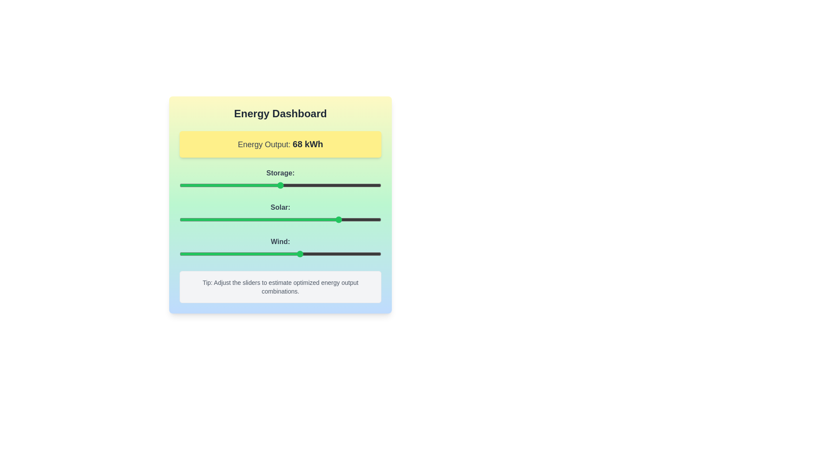 The width and height of the screenshot is (835, 469). What do you see at coordinates (322, 185) in the screenshot?
I see `the 'Storage' slider to 71` at bounding box center [322, 185].